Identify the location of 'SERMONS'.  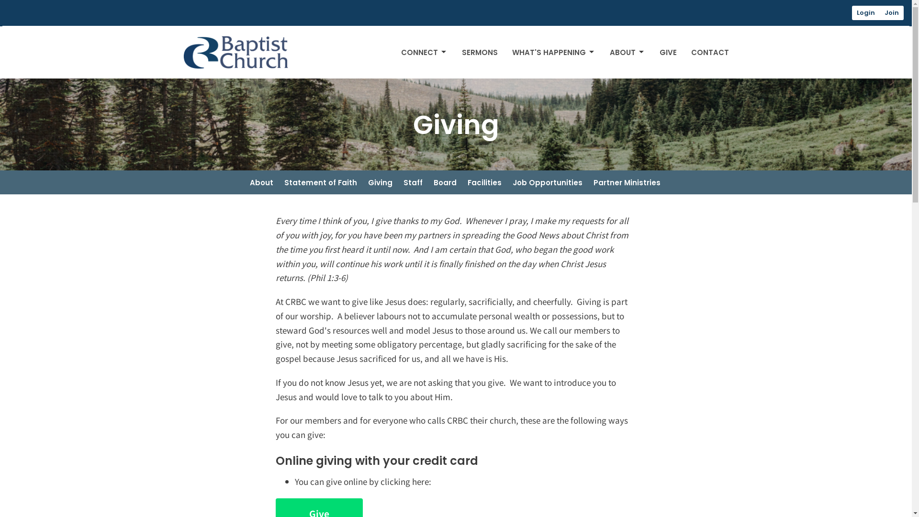
(479, 52).